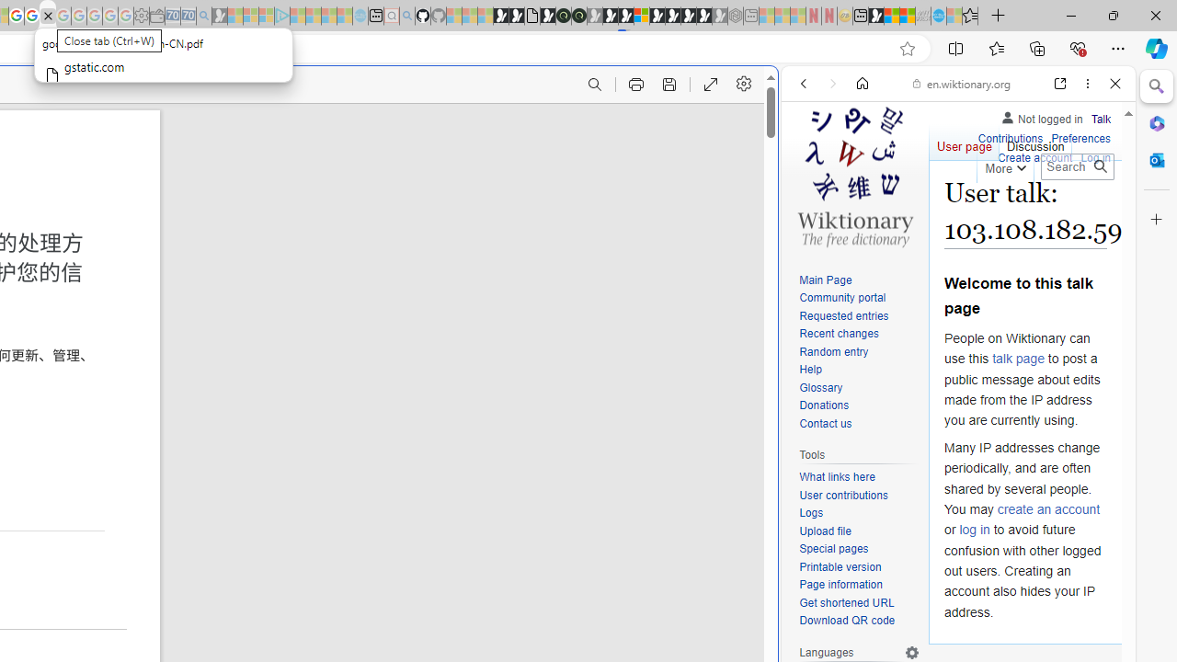 This screenshot has width=1177, height=662. Describe the element at coordinates (859, 566) in the screenshot. I see `'Printable version'` at that location.